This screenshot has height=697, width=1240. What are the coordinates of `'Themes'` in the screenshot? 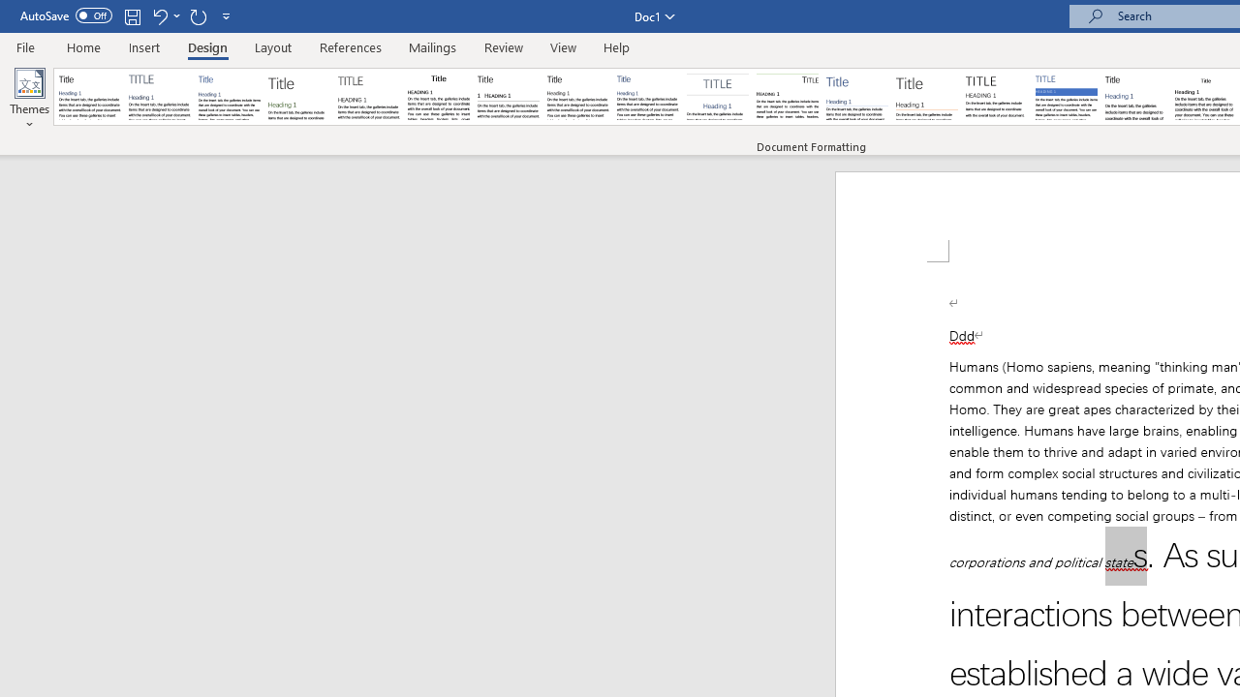 It's located at (29, 100).